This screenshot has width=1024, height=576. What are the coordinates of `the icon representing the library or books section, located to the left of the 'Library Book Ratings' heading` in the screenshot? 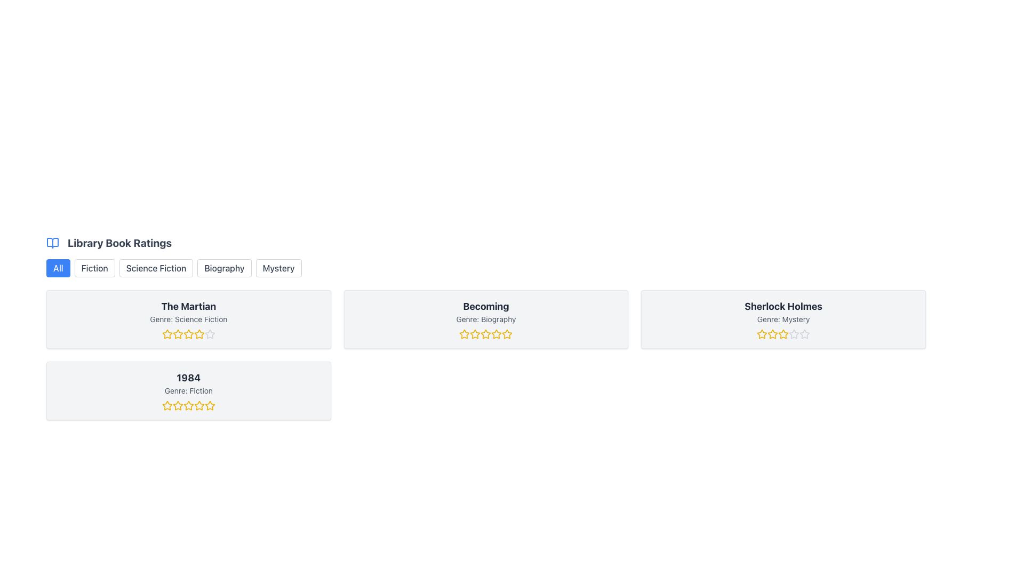 It's located at (52, 243).